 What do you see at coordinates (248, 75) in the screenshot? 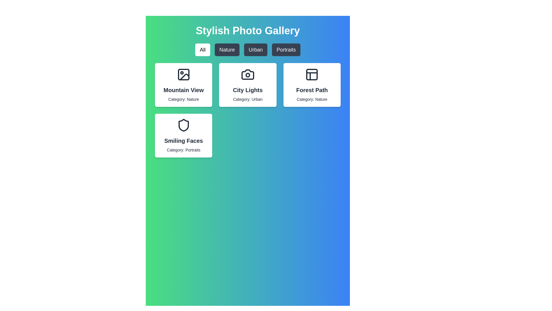
I see `the small circle within the camera icon located in the center of the 'City Lights' card` at bounding box center [248, 75].